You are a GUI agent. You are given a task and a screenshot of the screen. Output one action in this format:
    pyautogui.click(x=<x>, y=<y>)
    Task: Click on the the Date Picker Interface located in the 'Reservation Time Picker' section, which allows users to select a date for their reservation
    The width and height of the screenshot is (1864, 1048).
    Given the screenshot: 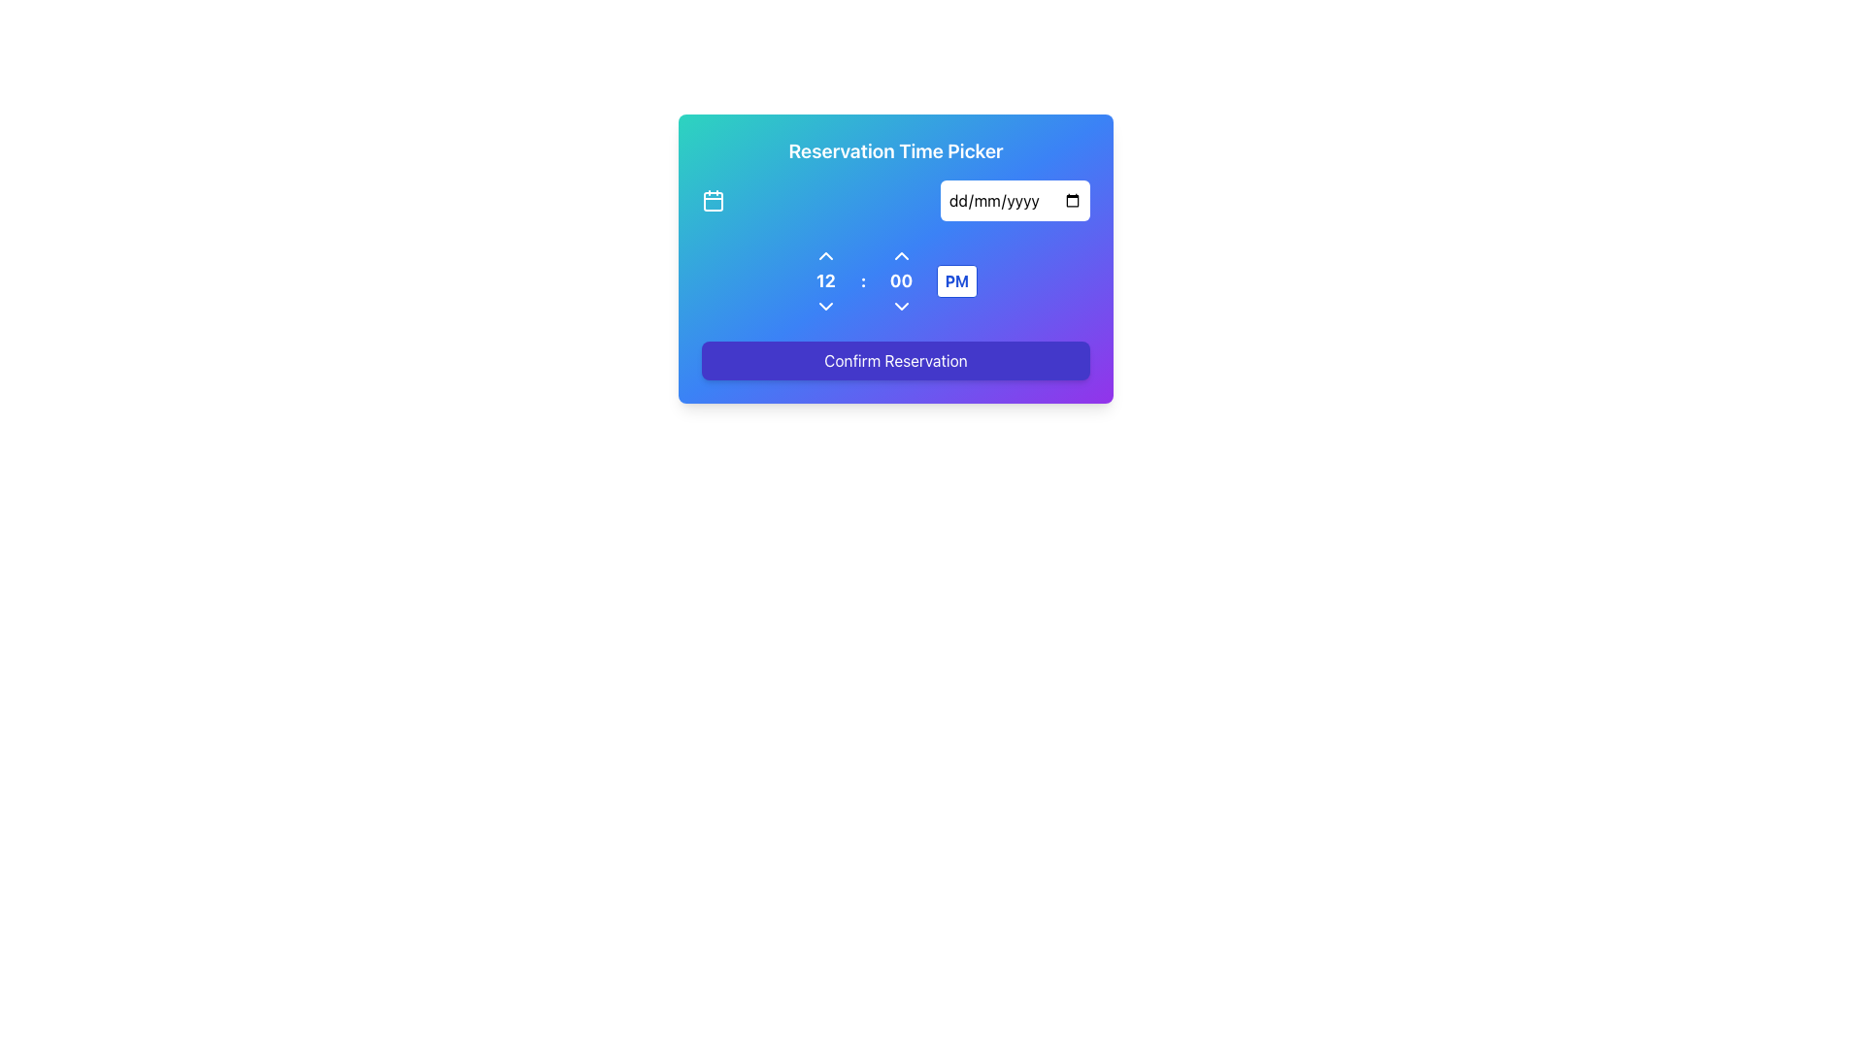 What is the action you would take?
    pyautogui.click(x=894, y=201)
    